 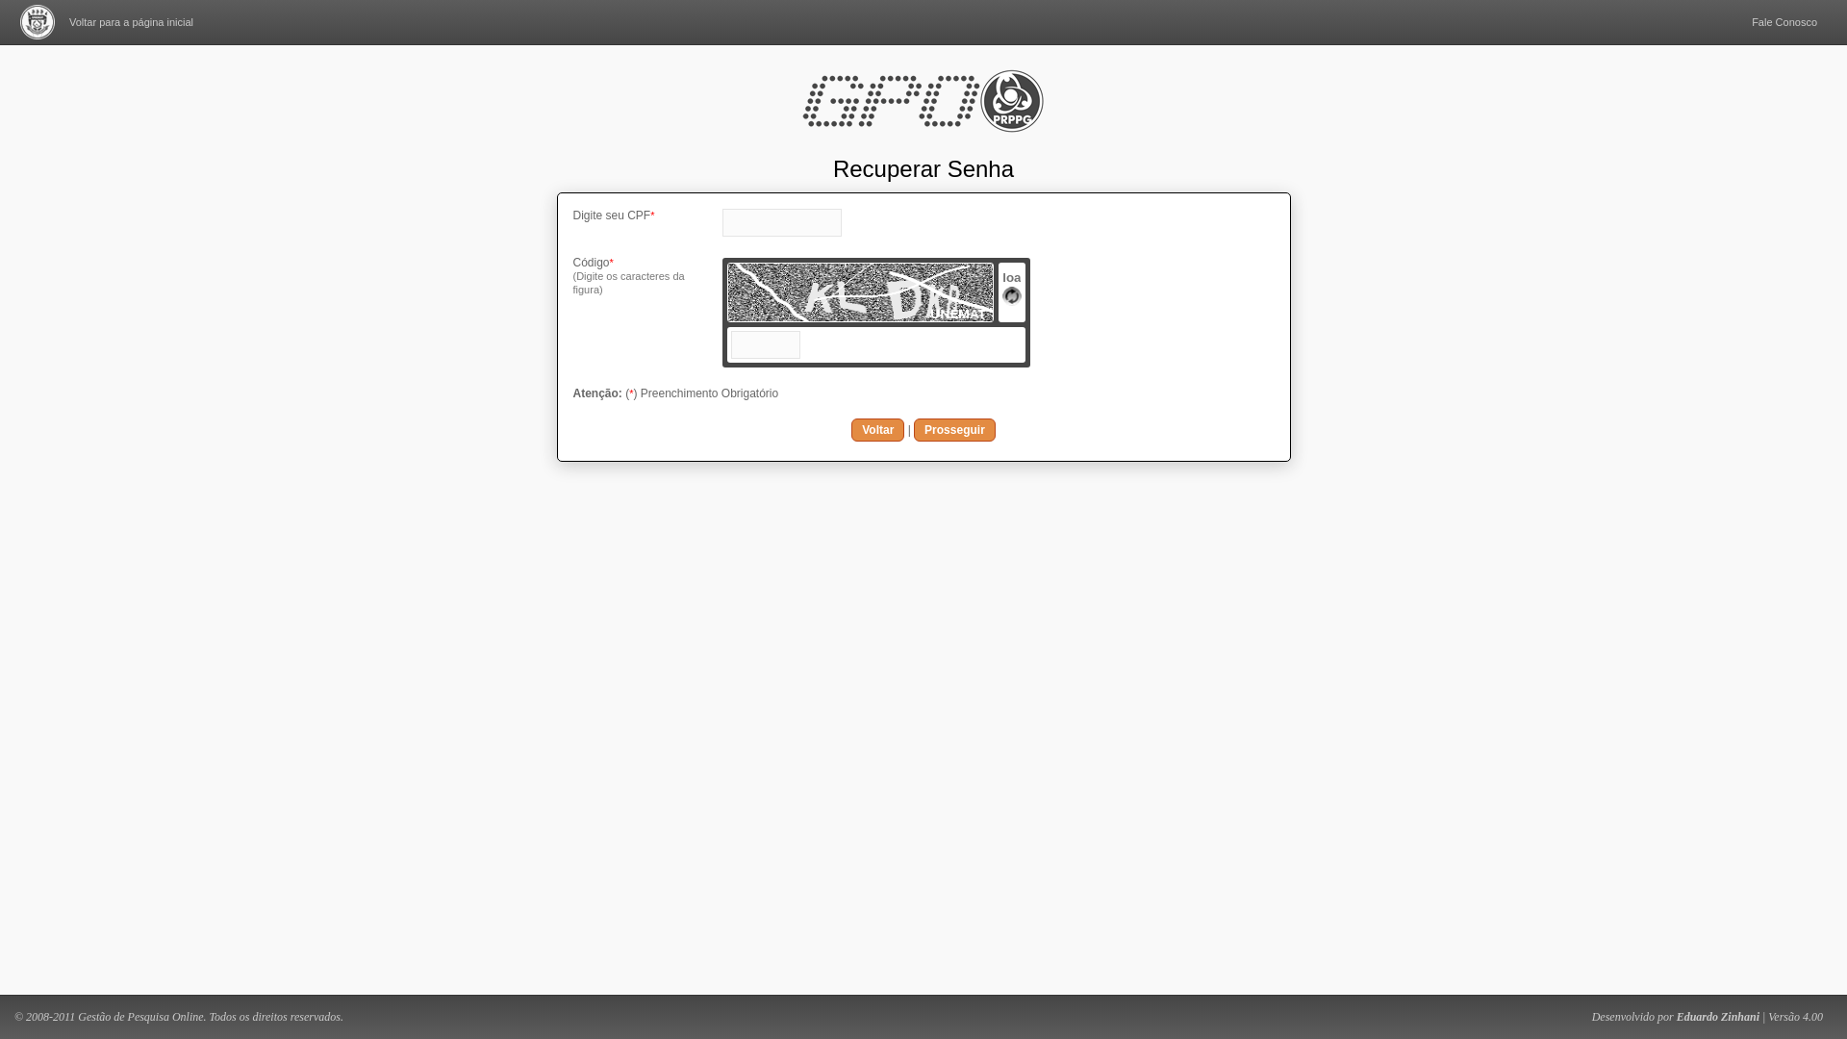 What do you see at coordinates (954, 429) in the screenshot?
I see `'Prosseguir'` at bounding box center [954, 429].